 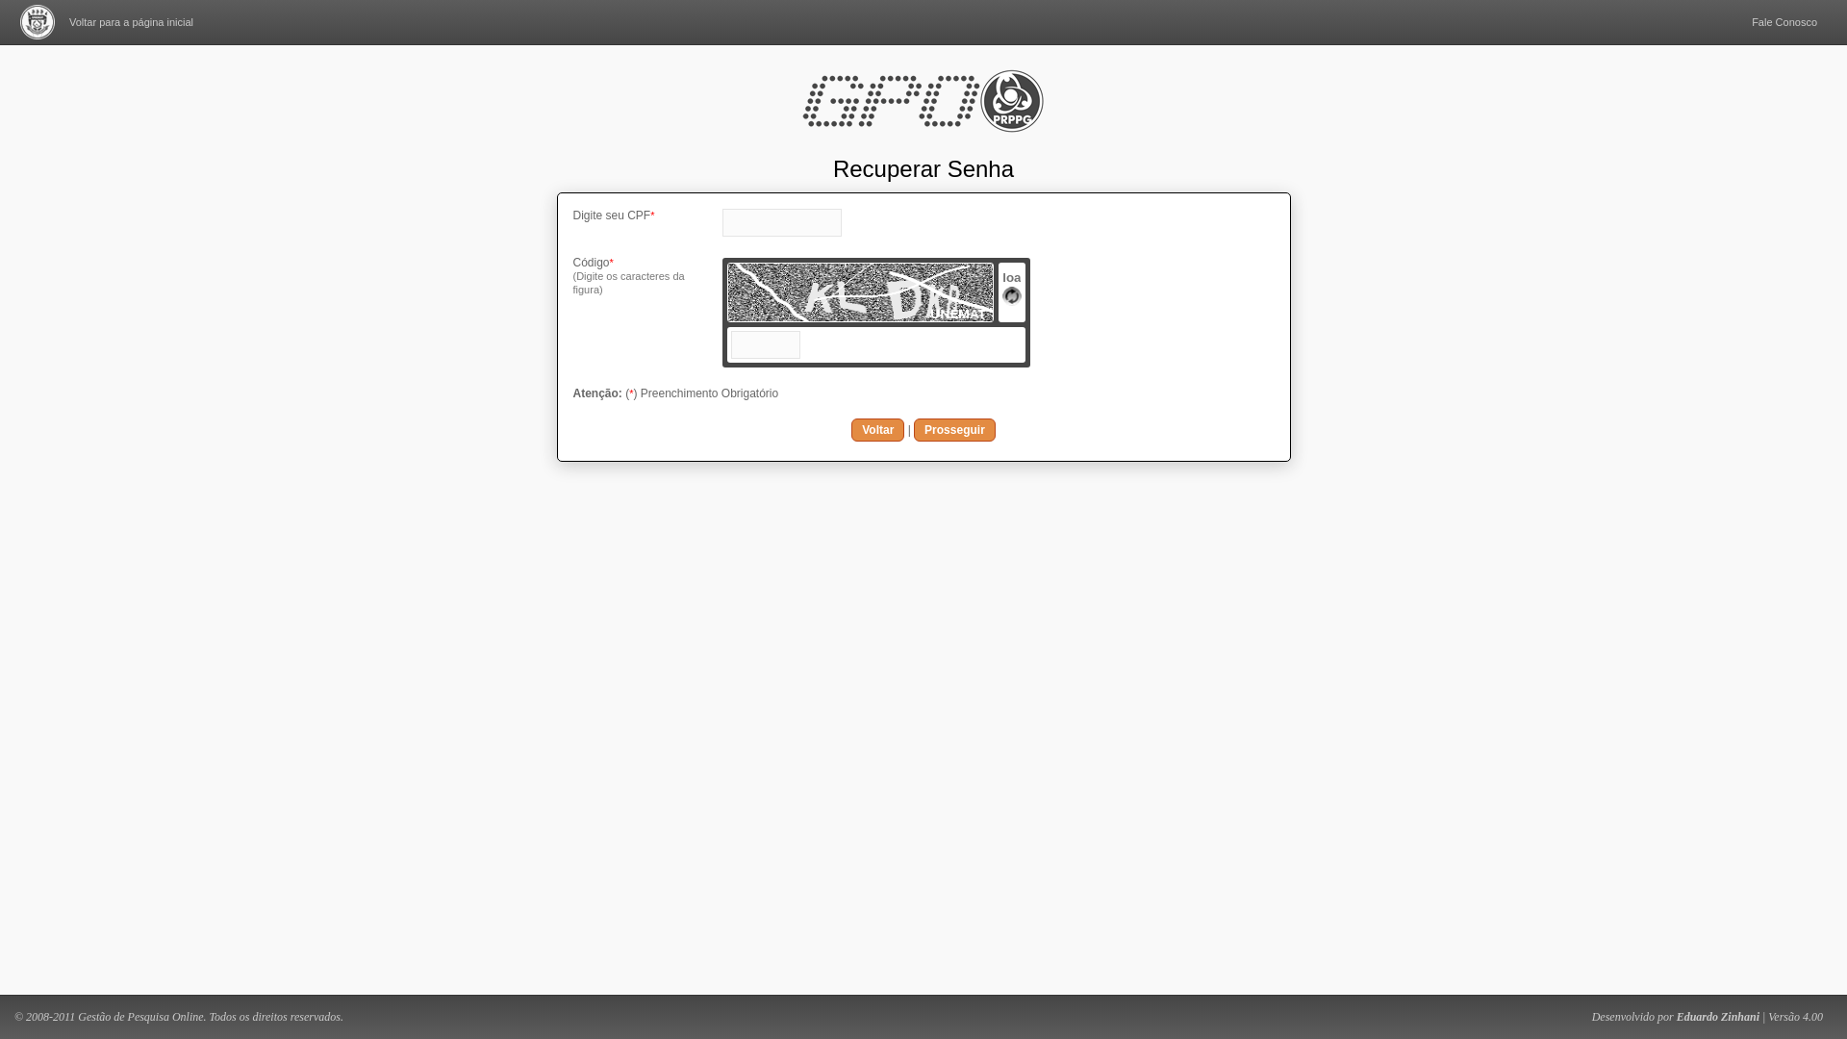 What do you see at coordinates (954, 429) in the screenshot?
I see `'Prosseguir'` at bounding box center [954, 429].